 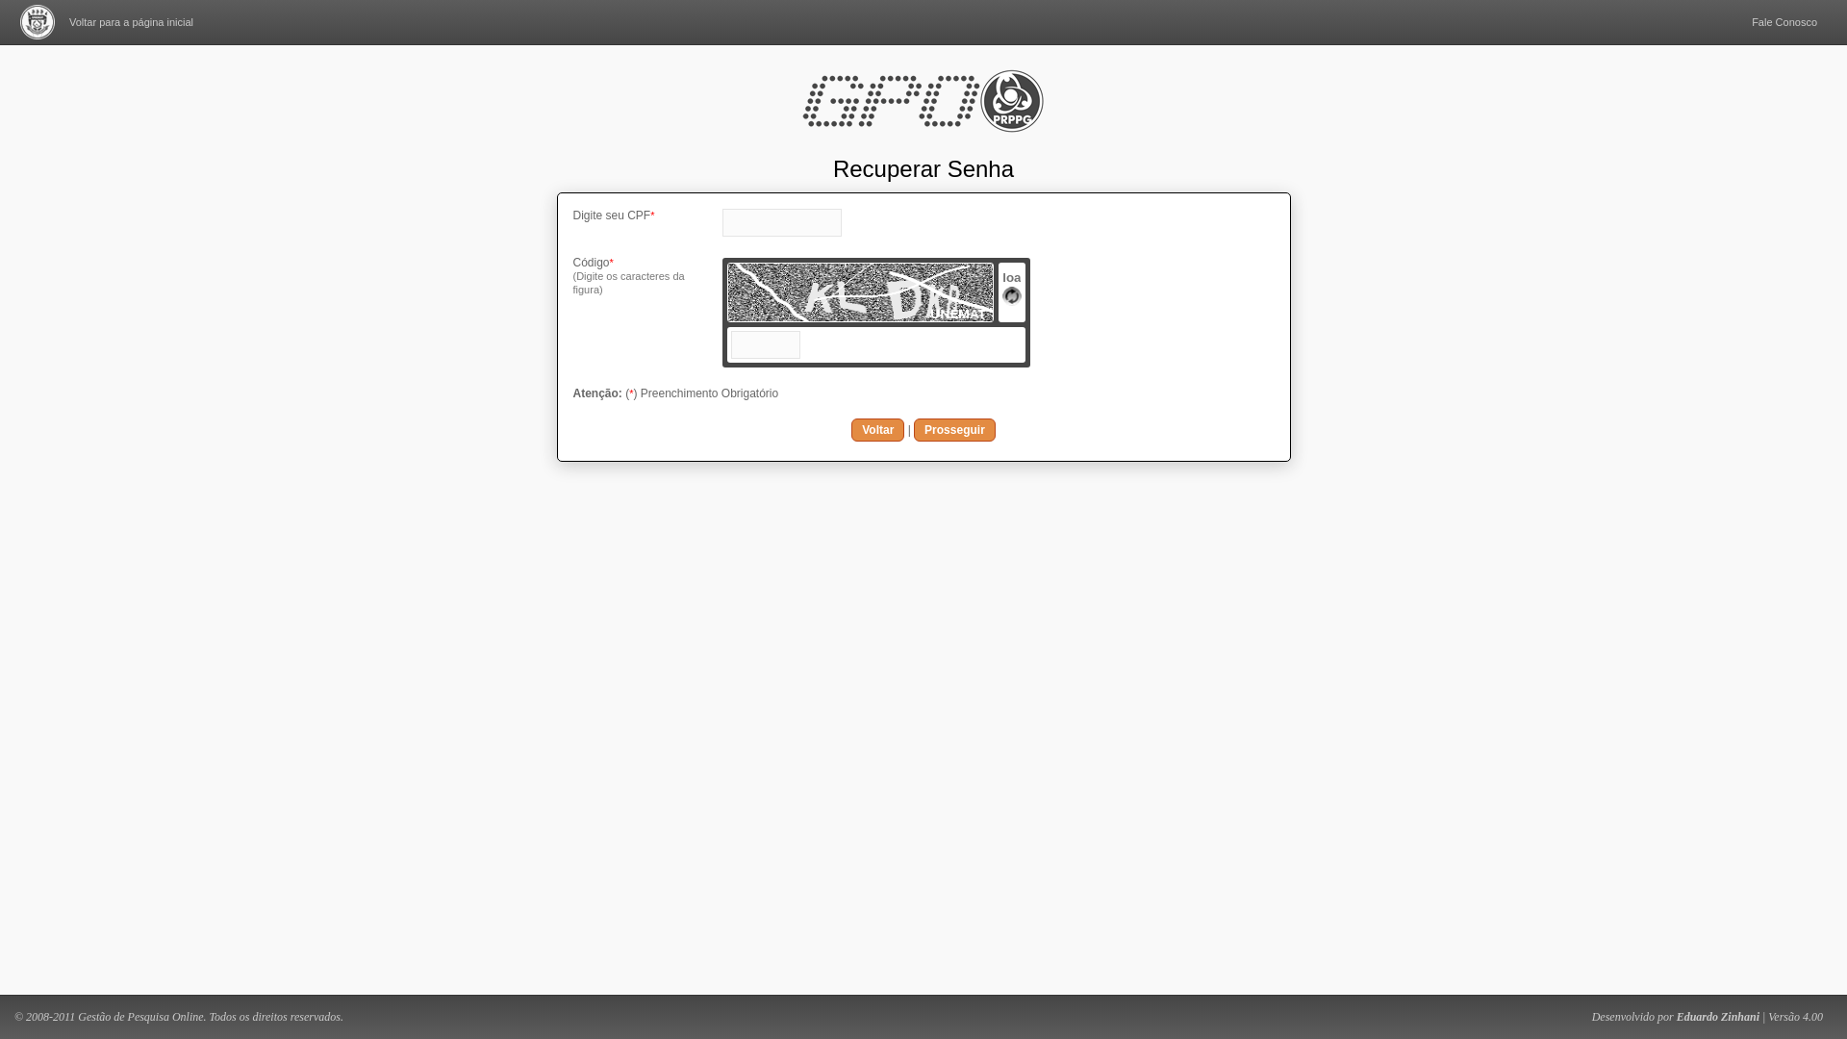 What do you see at coordinates (954, 429) in the screenshot?
I see `'Prosseguir'` at bounding box center [954, 429].